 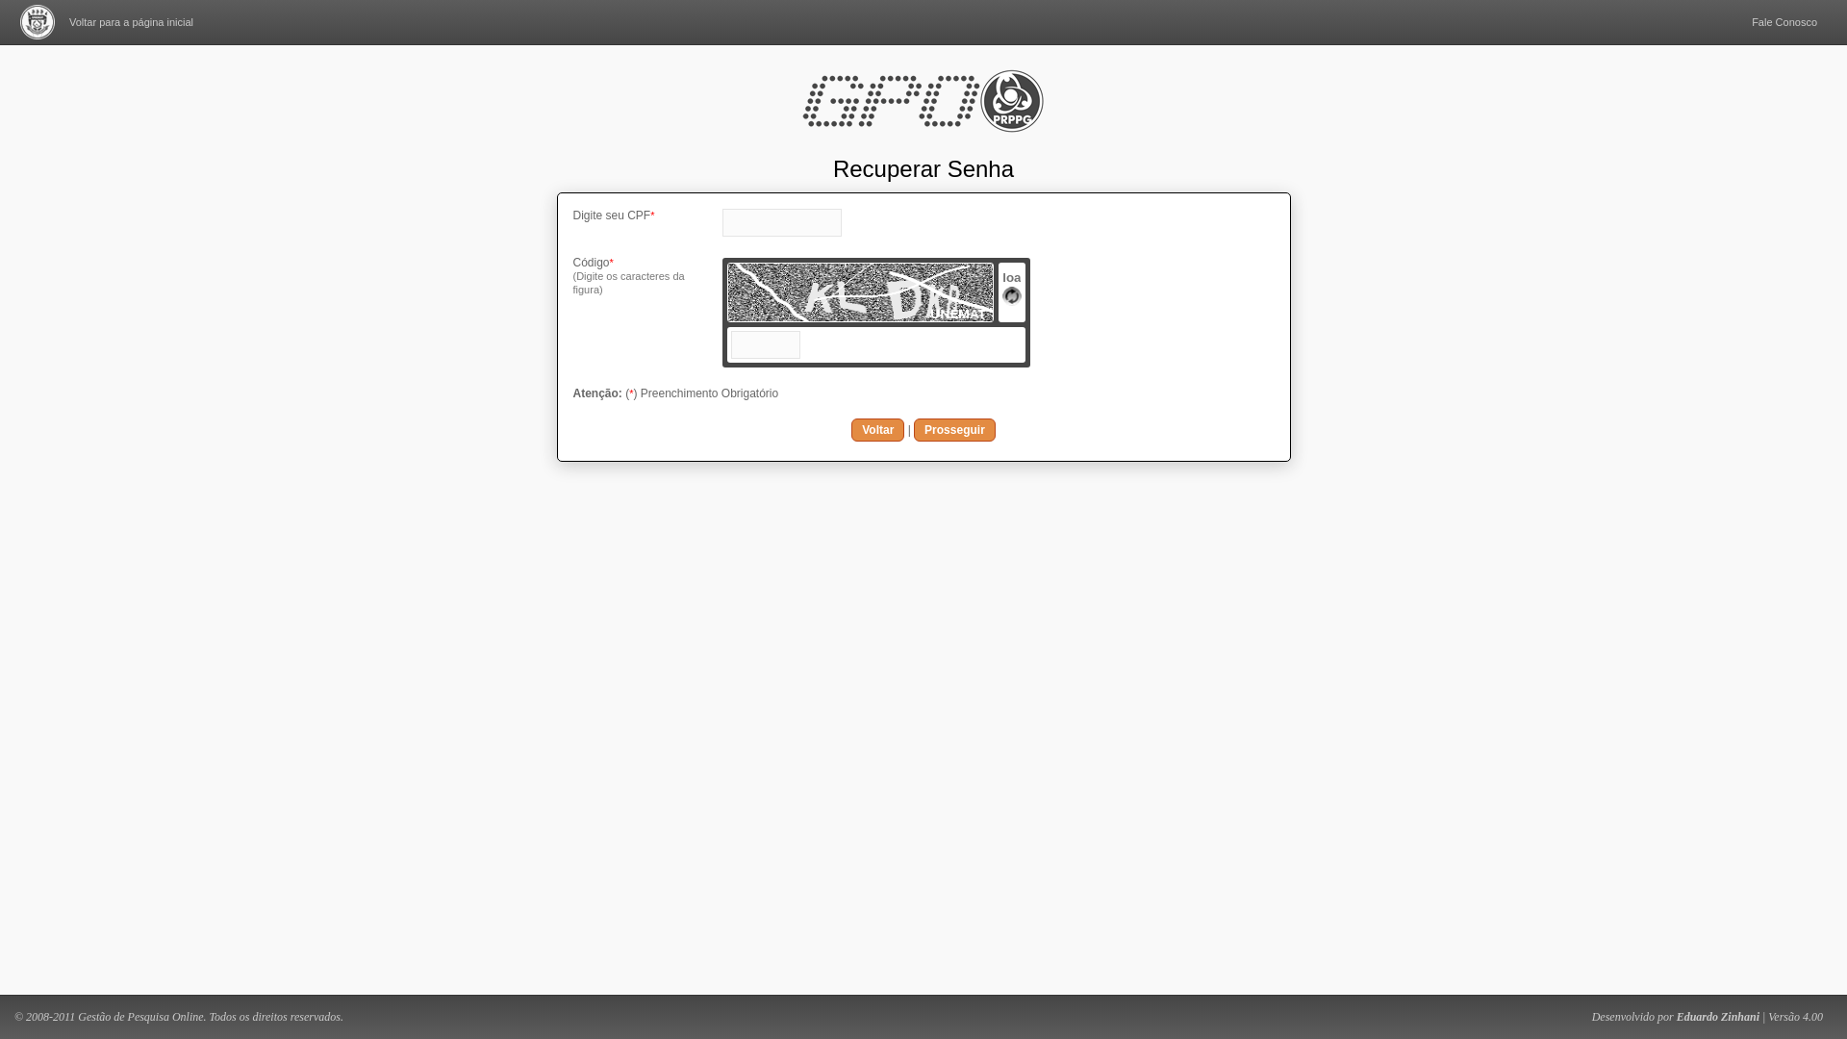 What do you see at coordinates (954, 429) in the screenshot?
I see `'Prosseguir'` at bounding box center [954, 429].